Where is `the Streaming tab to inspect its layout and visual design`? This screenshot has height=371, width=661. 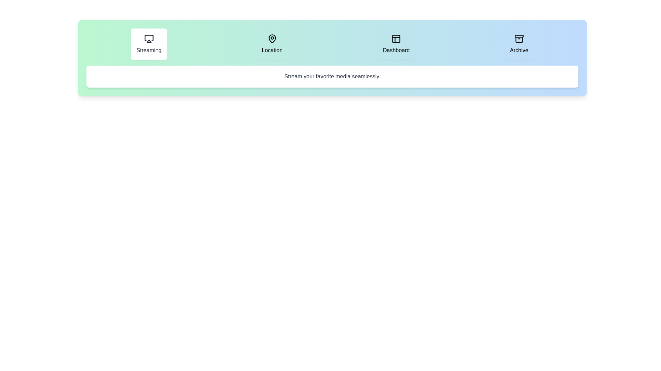
the Streaming tab to inspect its layout and visual design is located at coordinates (148, 44).